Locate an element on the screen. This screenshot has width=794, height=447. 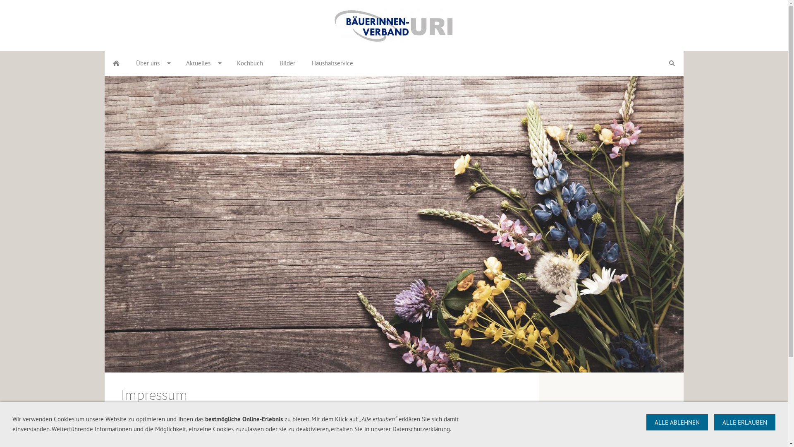
'Haushaltservice' is located at coordinates (332, 63).